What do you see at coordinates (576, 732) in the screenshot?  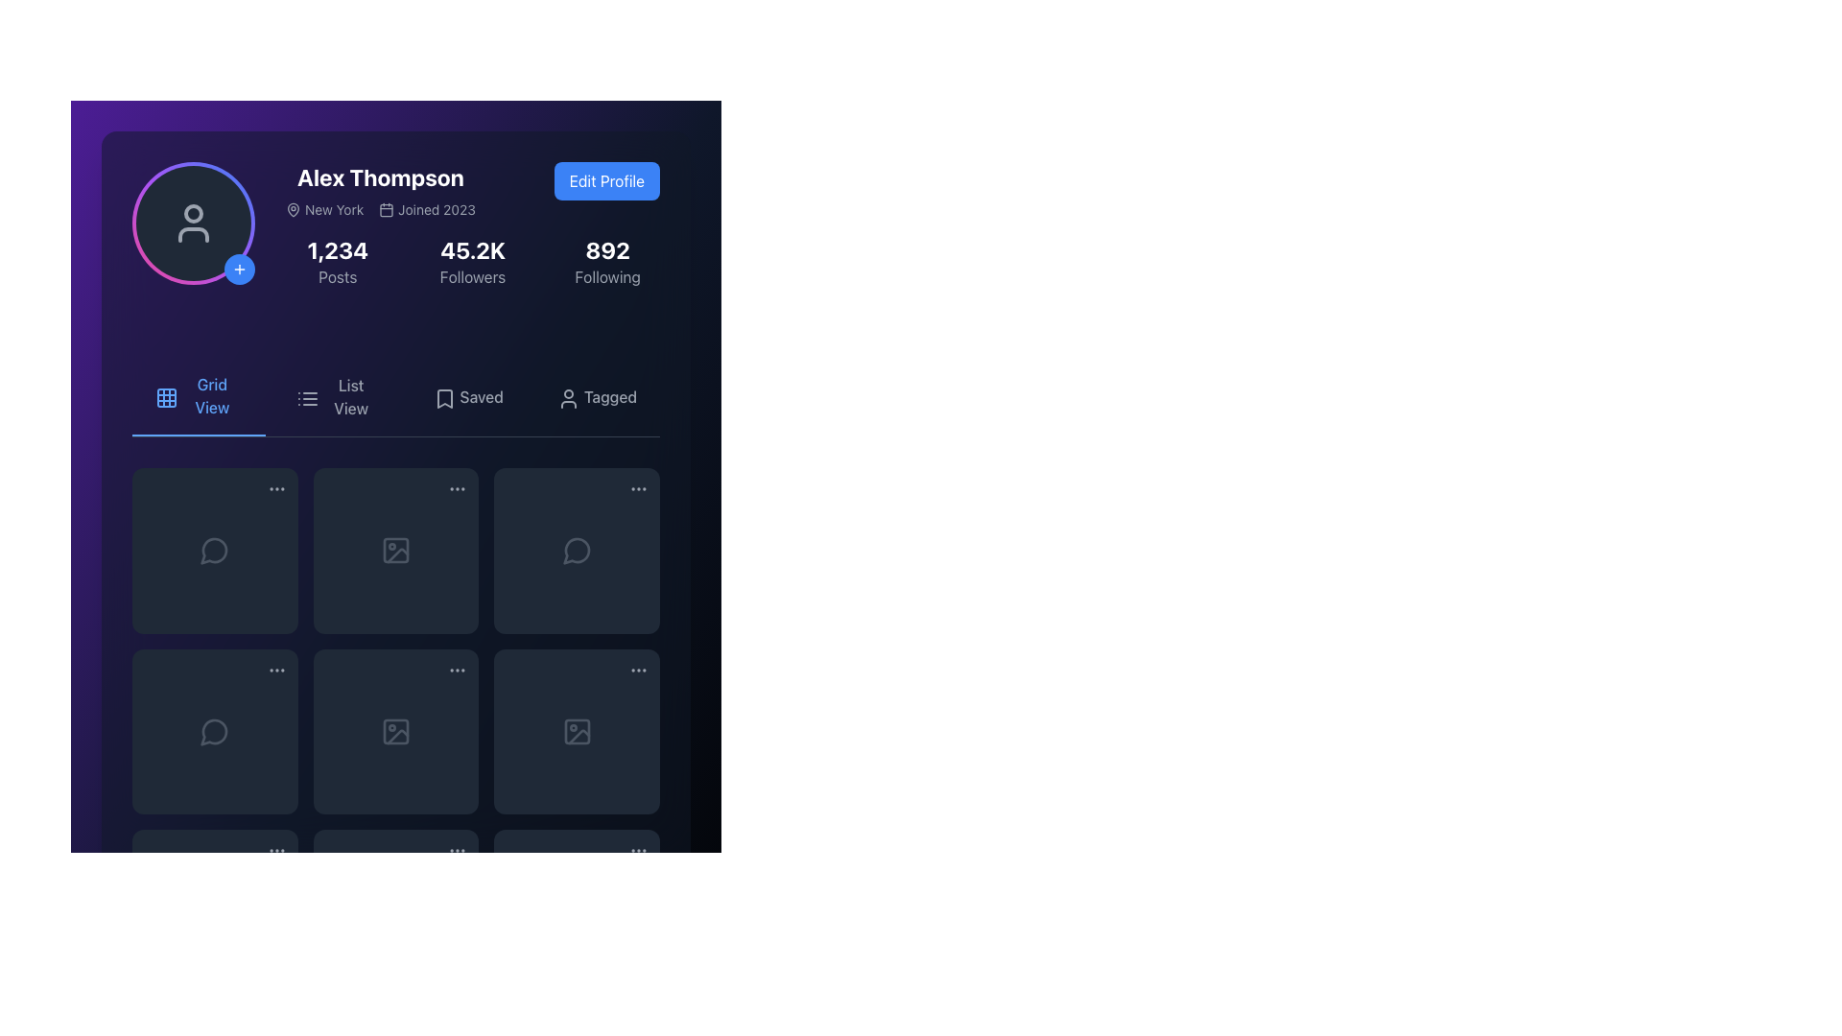 I see `the icon representing an option or status related to an image or photo, located in the second row and third column of the grid layout, by moving the cursor over it to view additional details` at bounding box center [576, 732].